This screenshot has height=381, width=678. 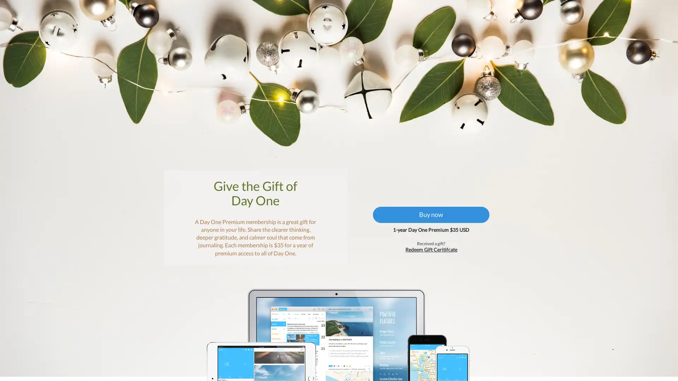 What do you see at coordinates (429, 220) in the screenshot?
I see `Buy now` at bounding box center [429, 220].